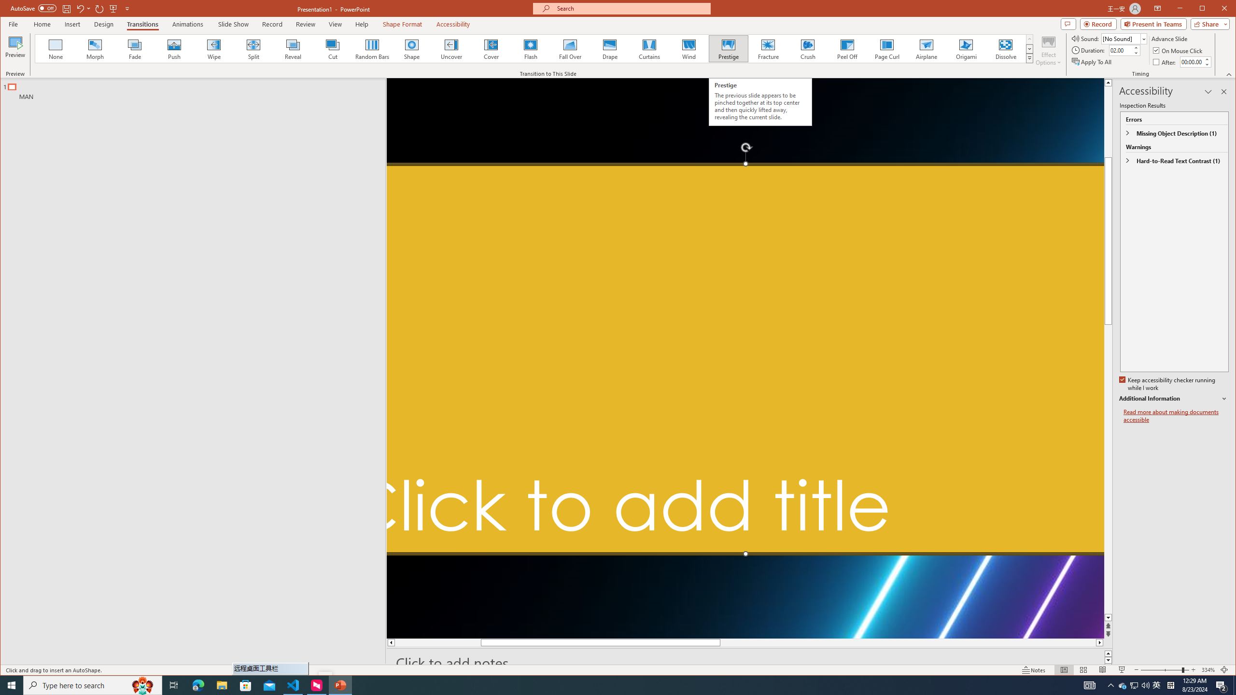 This screenshot has height=695, width=1236. What do you see at coordinates (649, 48) in the screenshot?
I see `'Curtains'` at bounding box center [649, 48].